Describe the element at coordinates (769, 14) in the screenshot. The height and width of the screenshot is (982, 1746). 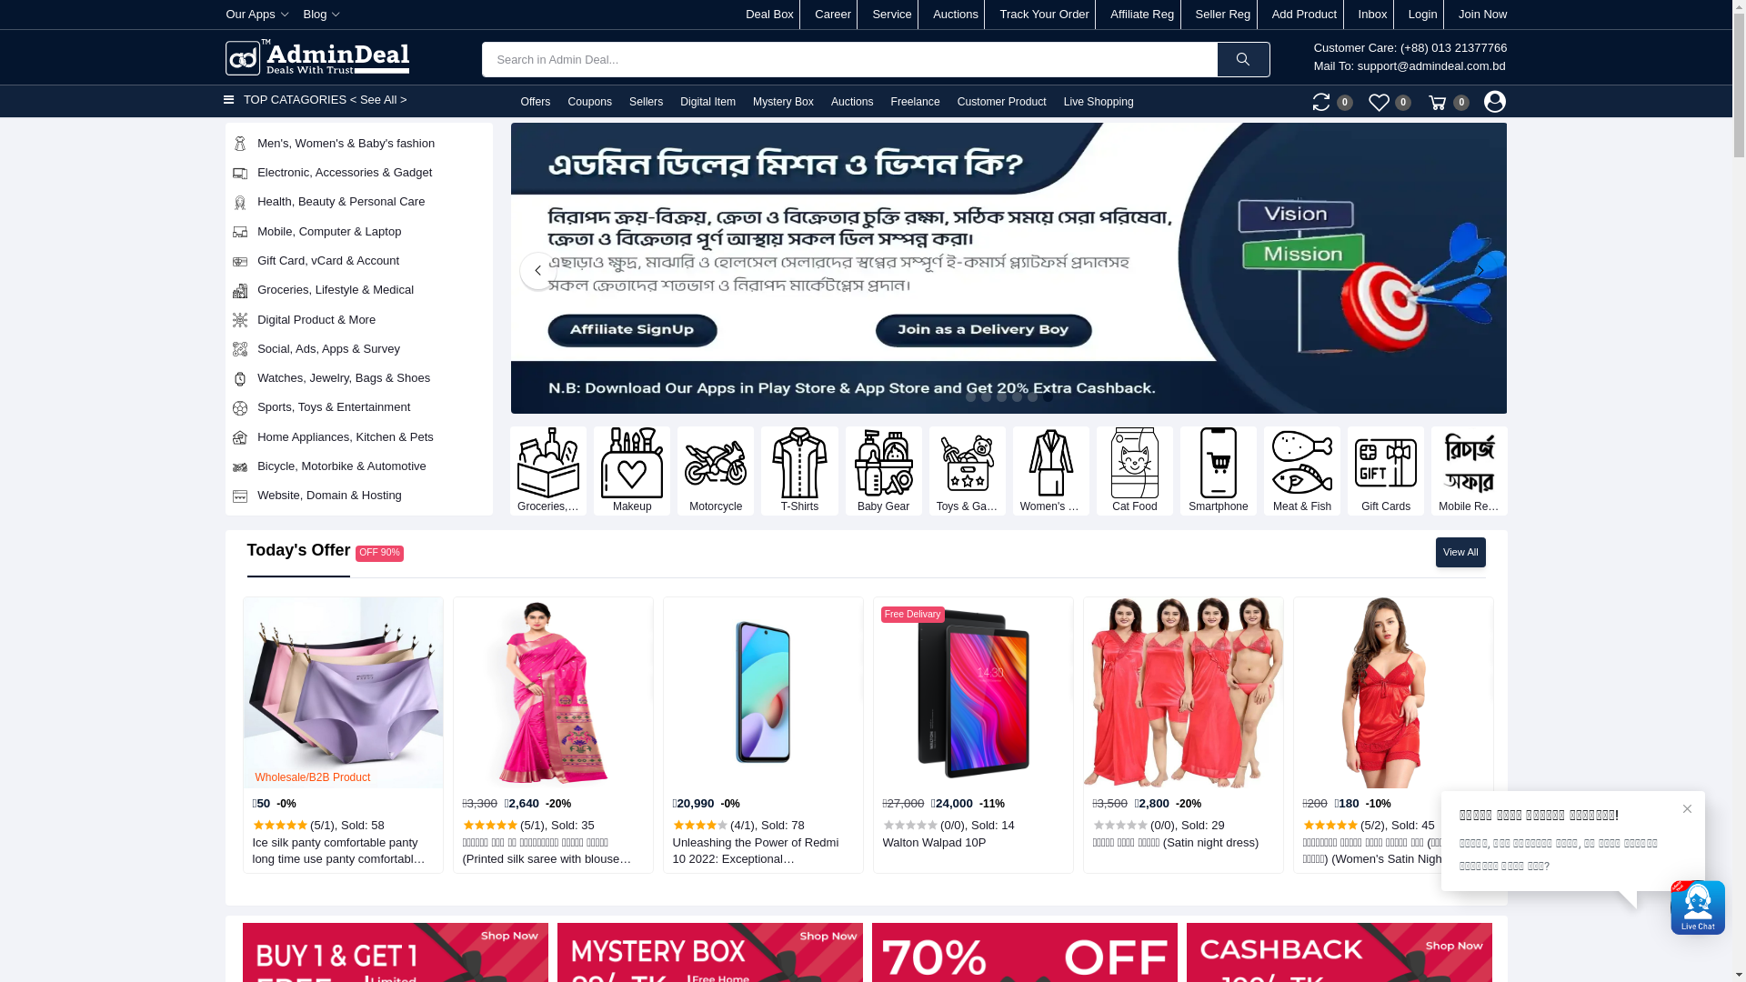
I see `'Deal Box'` at that location.